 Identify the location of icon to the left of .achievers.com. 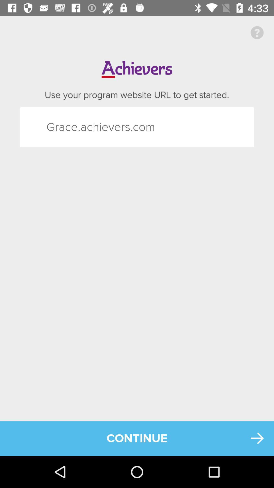
(56, 127).